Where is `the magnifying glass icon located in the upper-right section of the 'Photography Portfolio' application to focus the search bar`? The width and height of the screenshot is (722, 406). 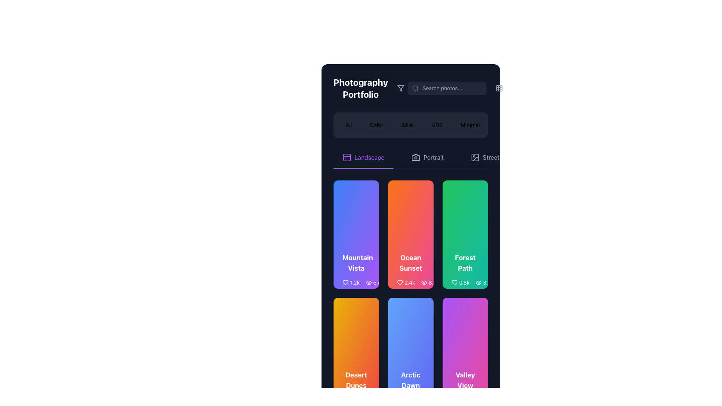 the magnifying glass icon located in the upper-right section of the 'Photography Portfolio' application to focus the search bar is located at coordinates (415, 88).